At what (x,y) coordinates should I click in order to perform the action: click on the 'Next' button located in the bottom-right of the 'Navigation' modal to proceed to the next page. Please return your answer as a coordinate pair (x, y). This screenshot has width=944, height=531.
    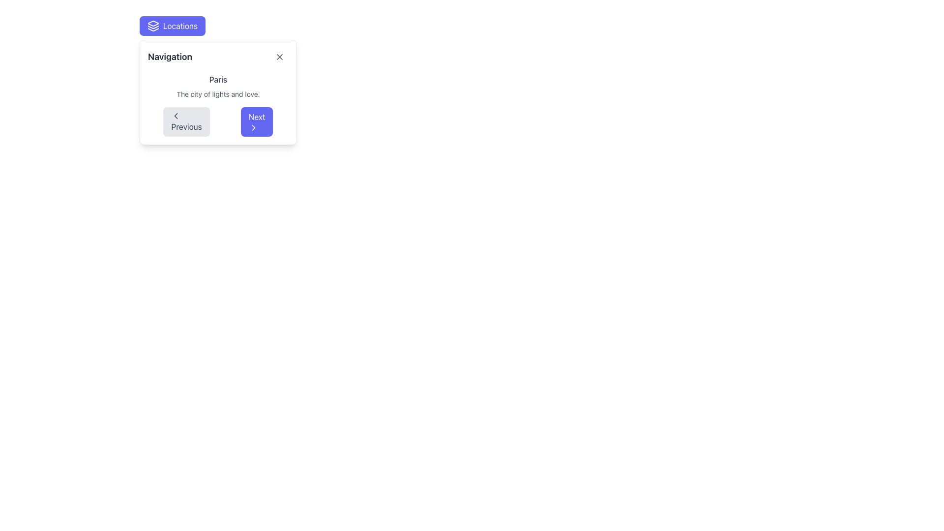
    Looking at the image, I should click on (257, 121).